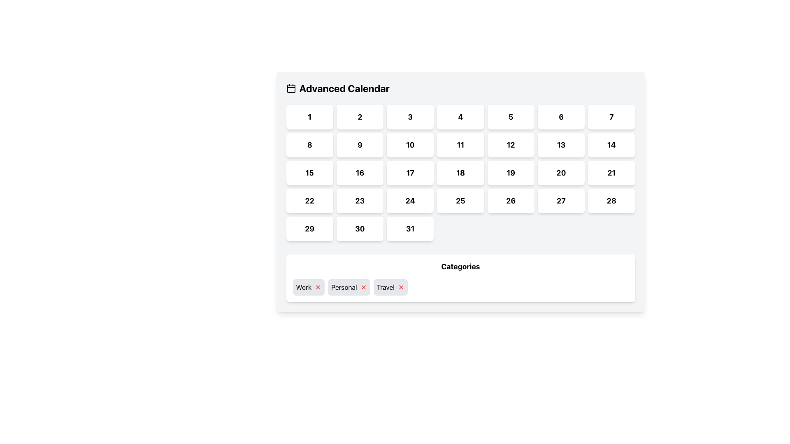  What do you see at coordinates (309, 229) in the screenshot?
I see `the button labeled '29' which is a rectangular button with a white background and rounded corners, featuring the bold number '29' centered within it` at bounding box center [309, 229].